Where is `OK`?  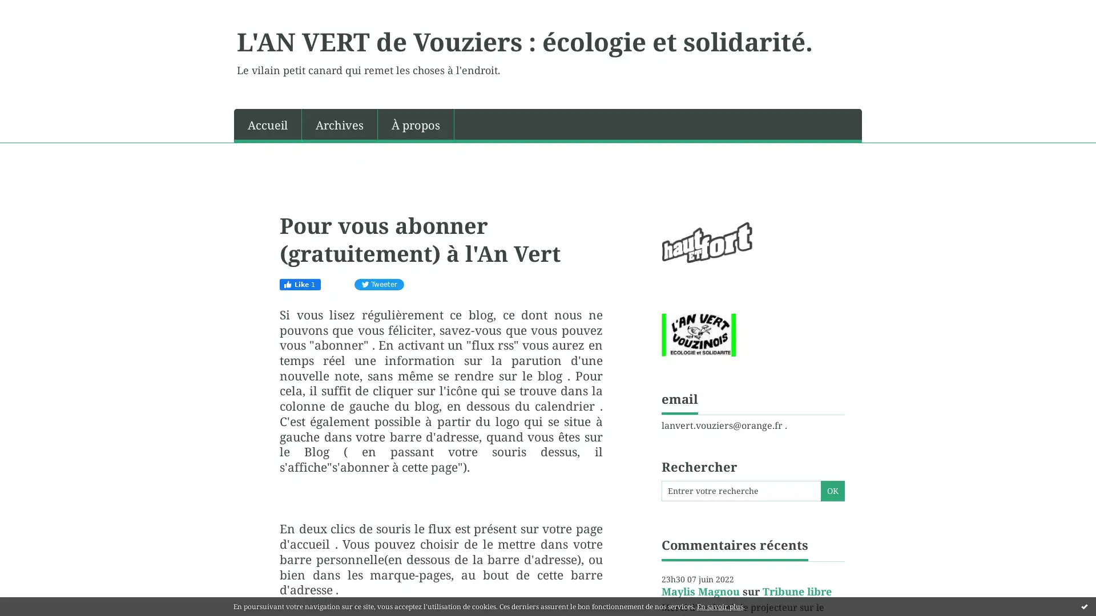
OK is located at coordinates (832, 490).